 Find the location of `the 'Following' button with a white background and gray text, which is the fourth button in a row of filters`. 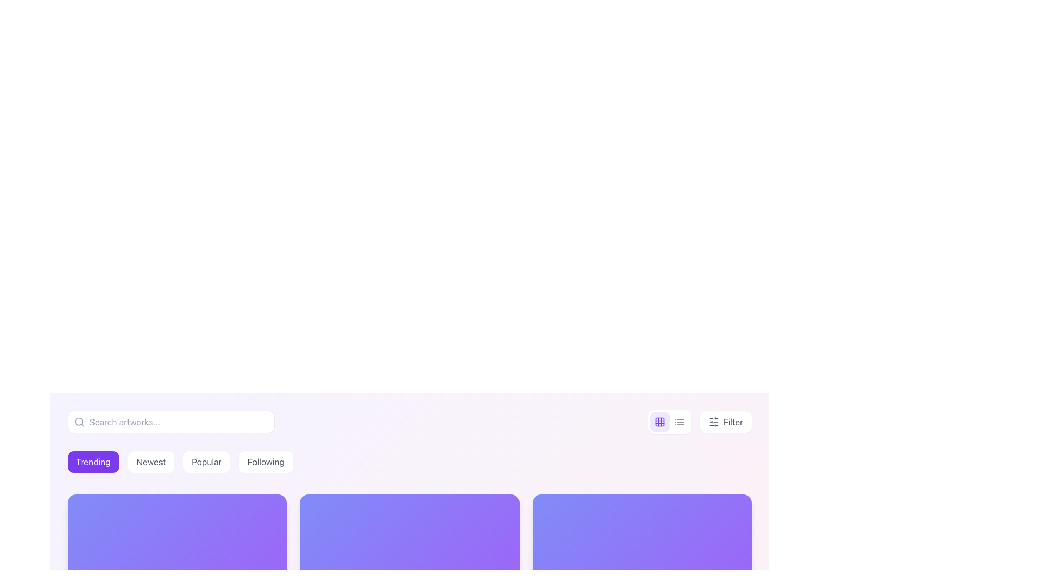

the 'Following' button with a white background and gray text, which is the fourth button in a row of filters is located at coordinates (266, 462).